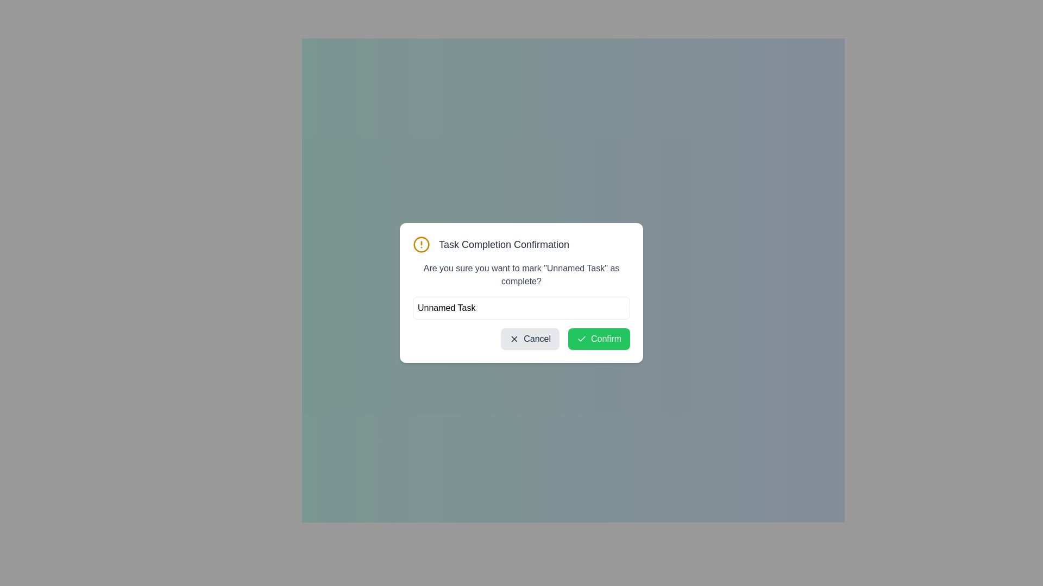 This screenshot has height=586, width=1043. What do you see at coordinates (514, 338) in the screenshot?
I see `the 'X' icon located within the 'Cancel' button on the confirmation dialog to reinforce the action of cancelling or closing` at bounding box center [514, 338].